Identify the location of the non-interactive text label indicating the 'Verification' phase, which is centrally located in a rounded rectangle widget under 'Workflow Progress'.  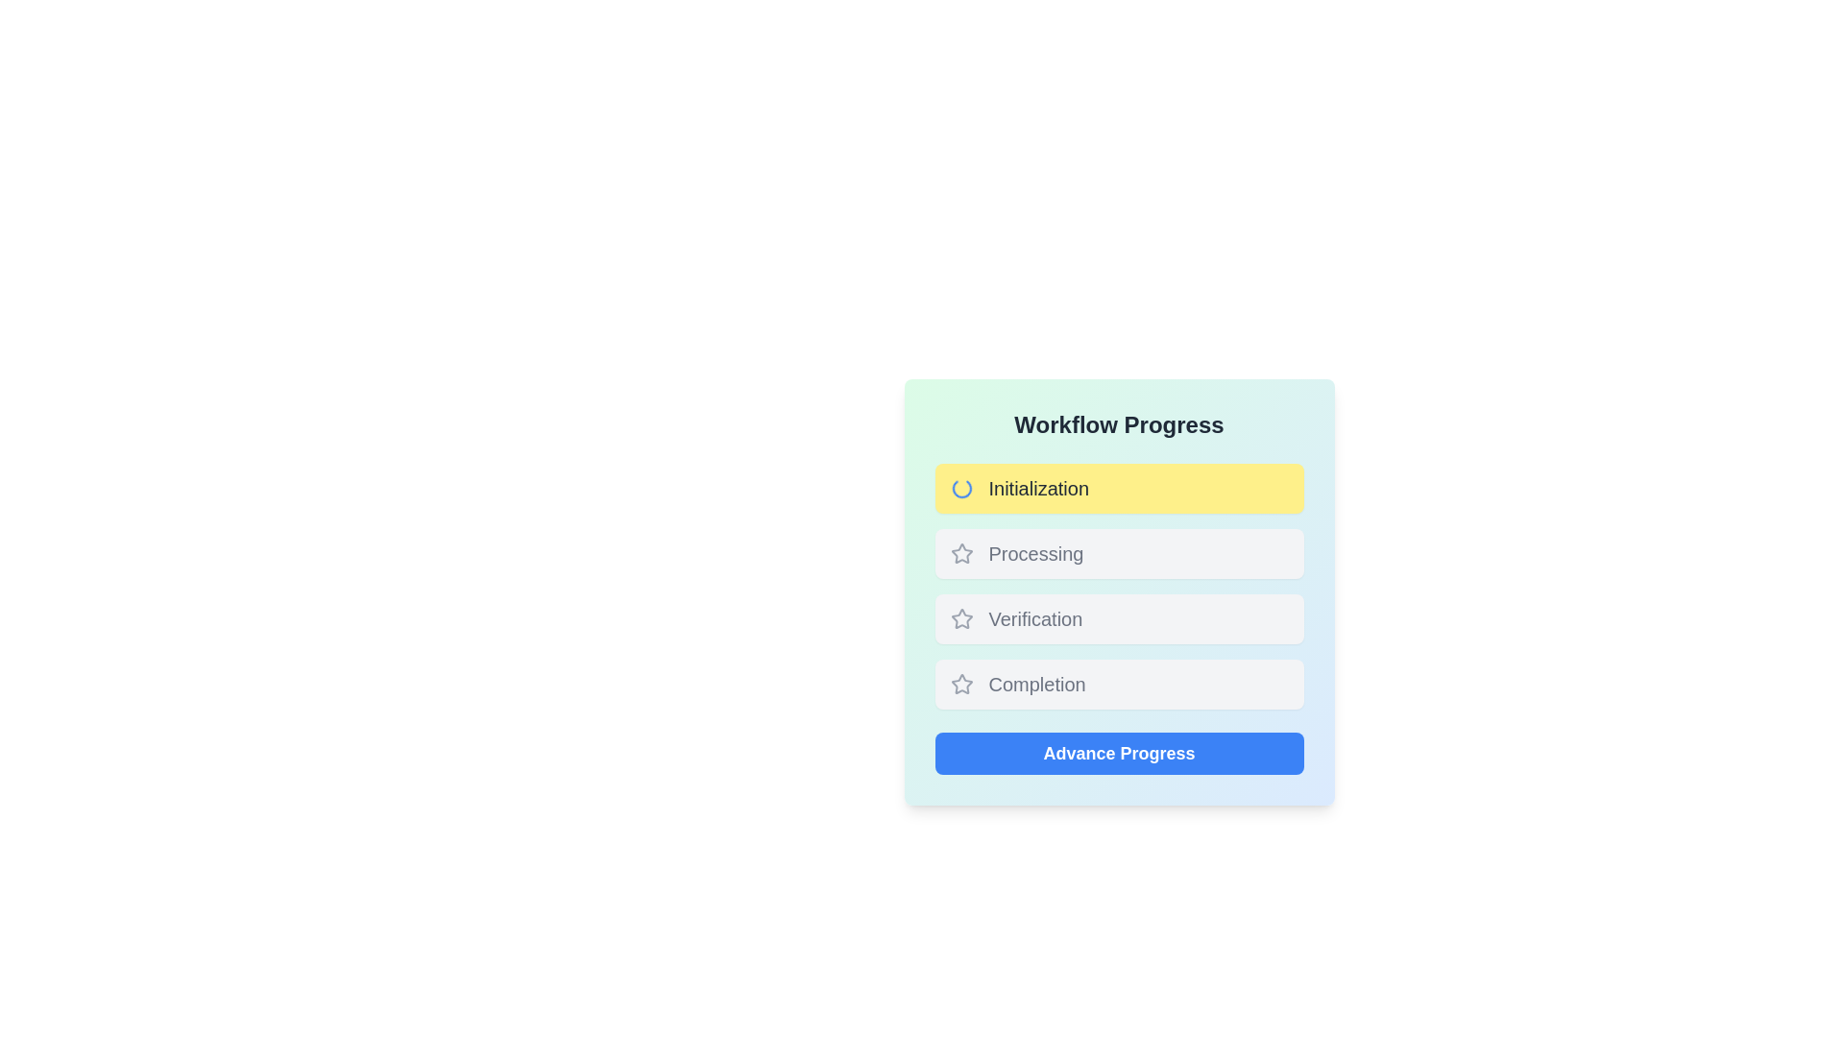
(1034, 618).